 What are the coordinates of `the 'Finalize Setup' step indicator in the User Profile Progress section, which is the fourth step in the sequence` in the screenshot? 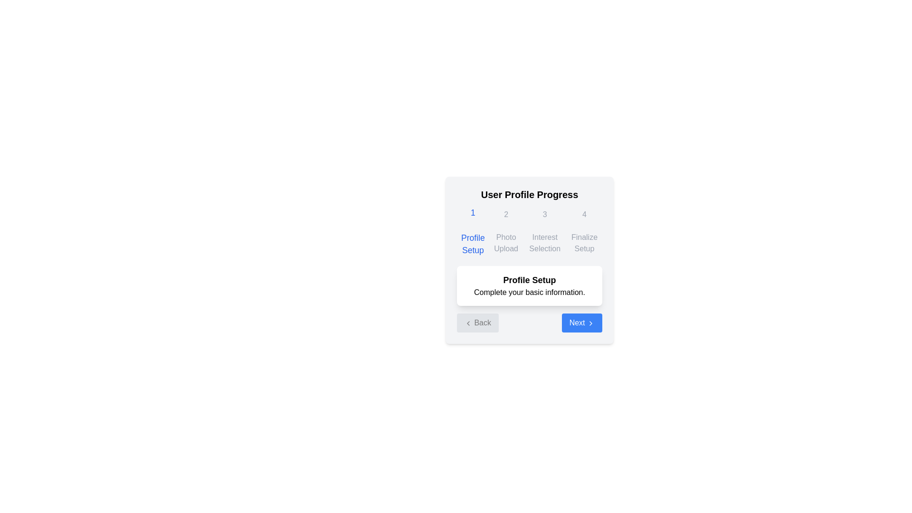 It's located at (583, 232).